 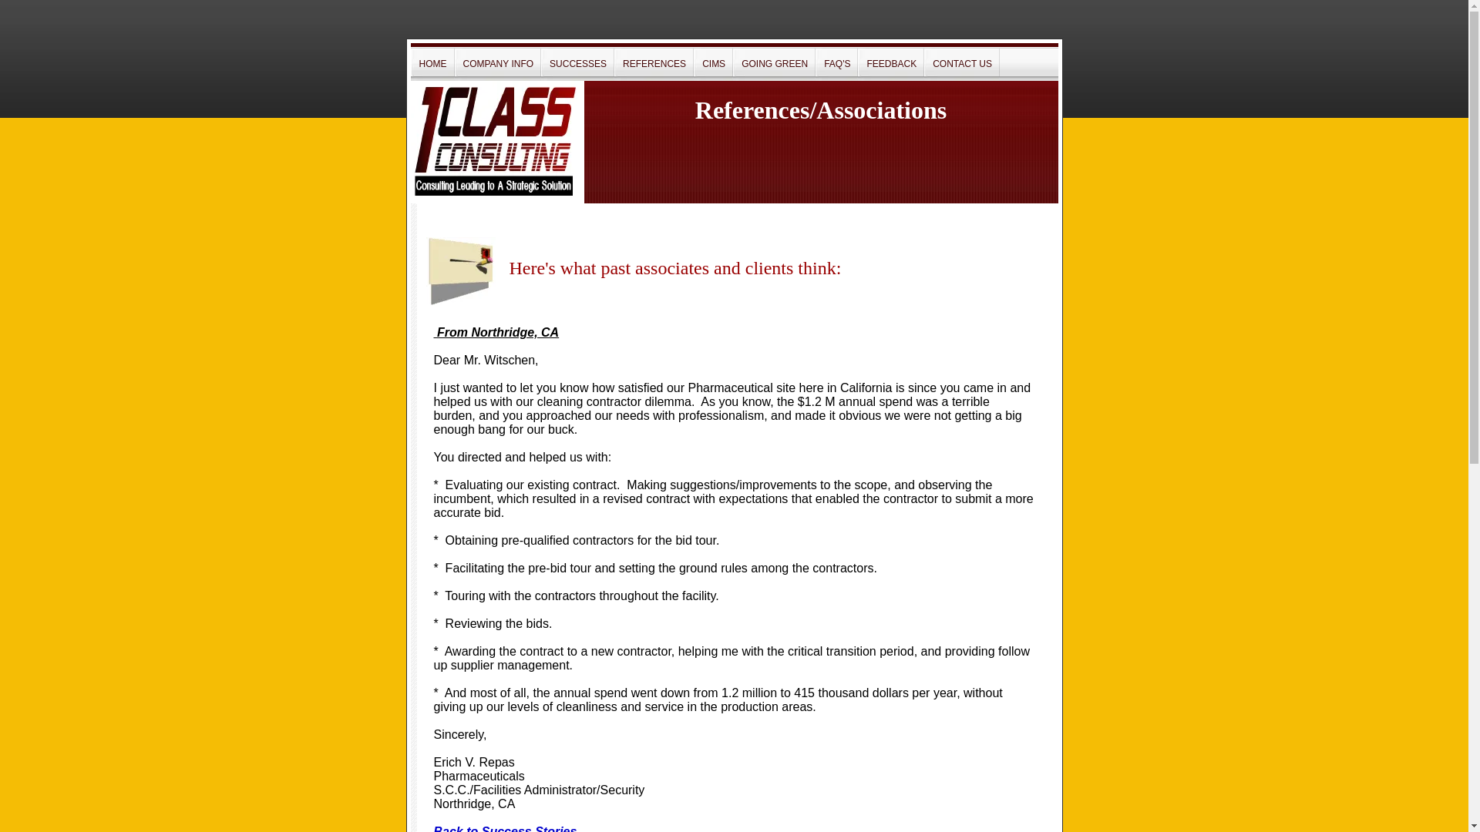 What do you see at coordinates (836, 63) in the screenshot?
I see `'FAQ'S'` at bounding box center [836, 63].